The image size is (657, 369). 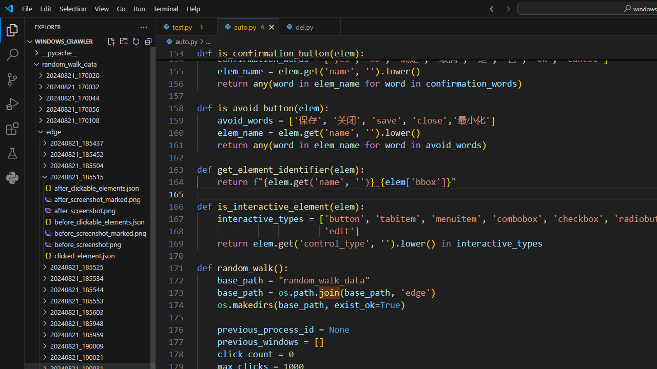 I want to click on 'Explorer Section: windows_crawler', so click(x=90, y=41).